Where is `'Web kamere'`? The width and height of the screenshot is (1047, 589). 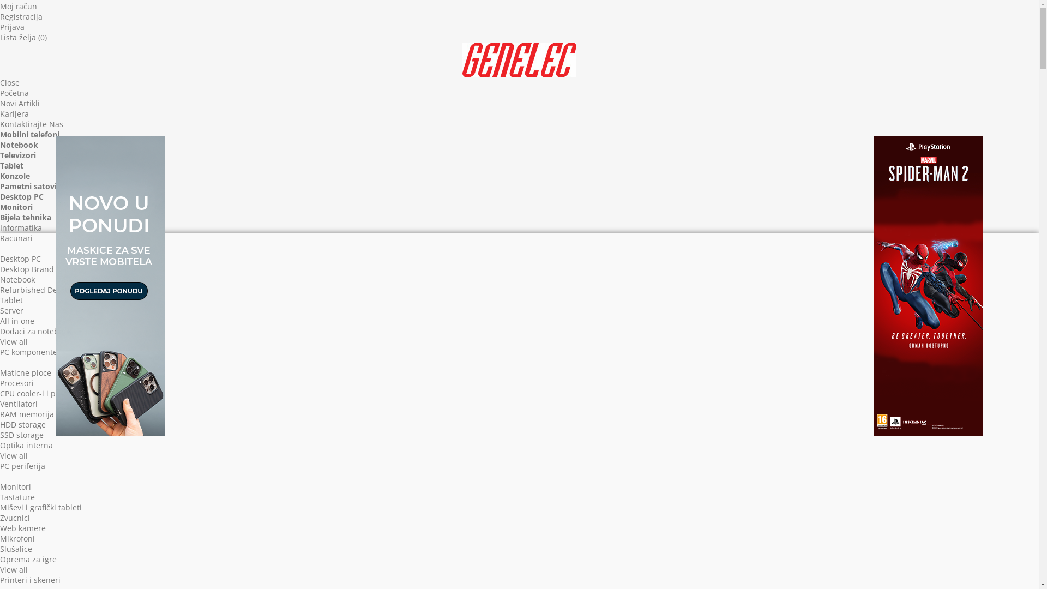 'Web kamere' is located at coordinates (23, 527).